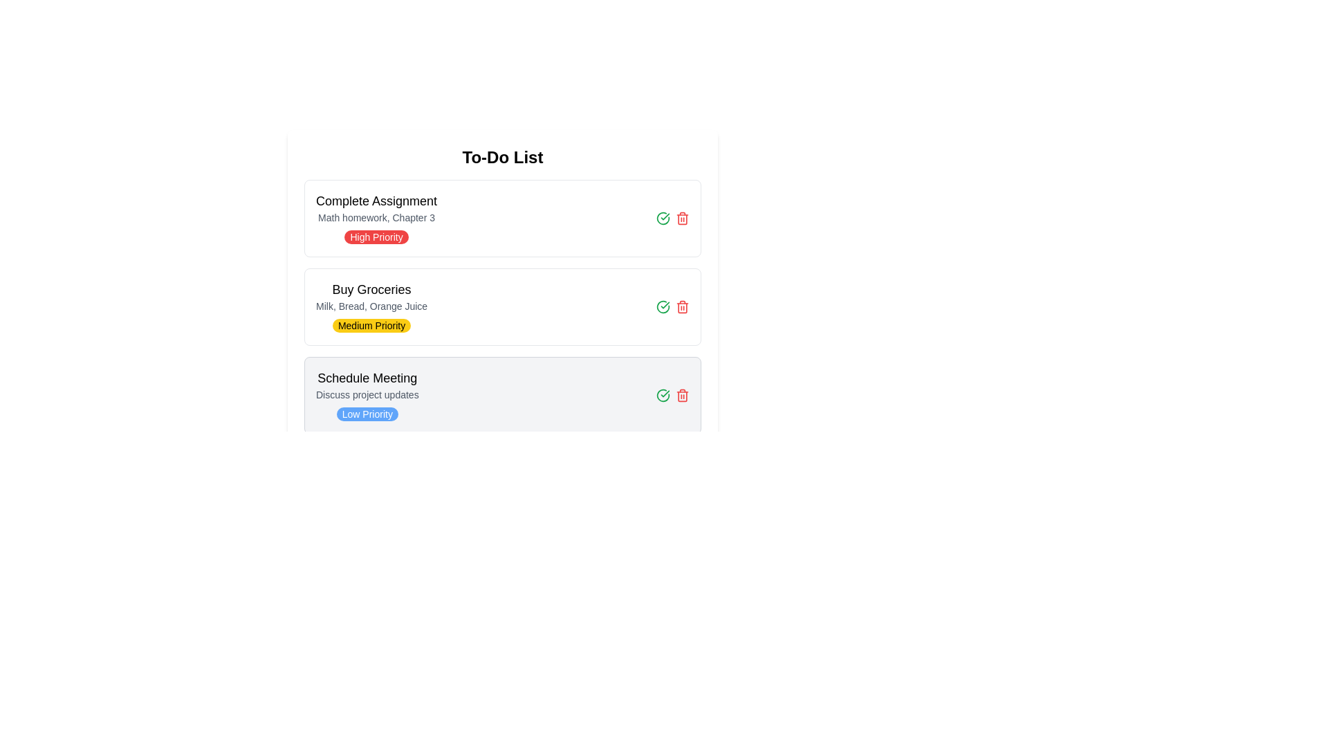 Image resolution: width=1328 pixels, height=747 pixels. I want to click on the text label displaying 'Math homework, Chapter 3', which is located below the header 'Complete Assignment', so click(376, 218).